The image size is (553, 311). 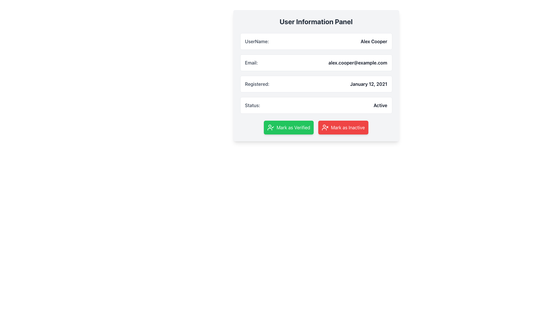 I want to click on the Static Text Label that reads 'Status:' styled in gray, positioned to the left of the value 'Active.', so click(x=252, y=105).